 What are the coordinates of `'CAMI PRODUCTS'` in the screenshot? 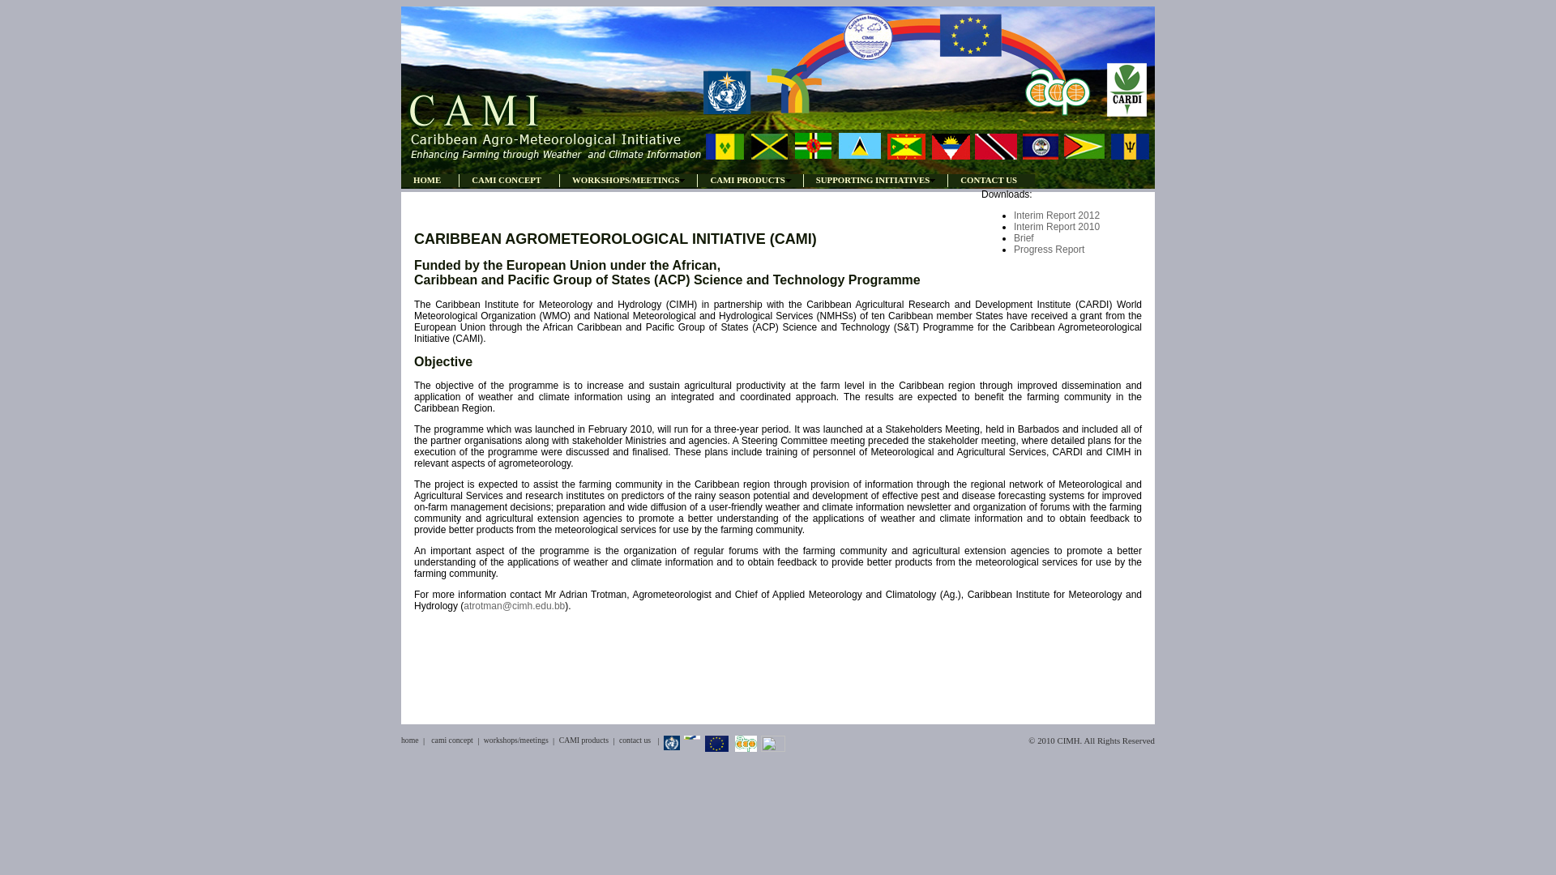 It's located at (749, 180).